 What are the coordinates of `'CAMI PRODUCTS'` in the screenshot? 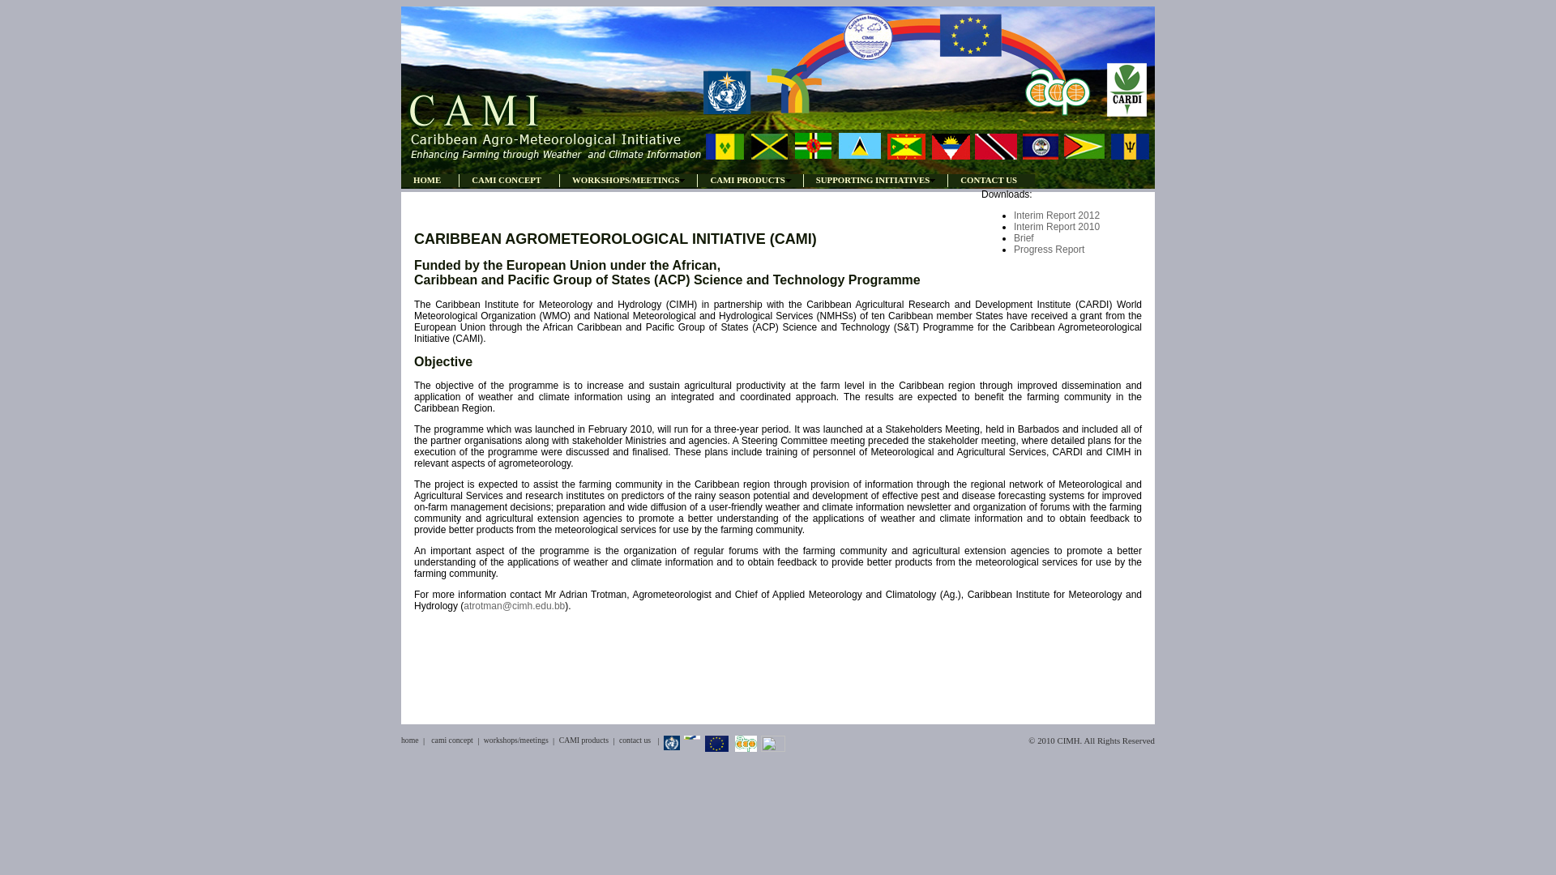 It's located at (749, 180).